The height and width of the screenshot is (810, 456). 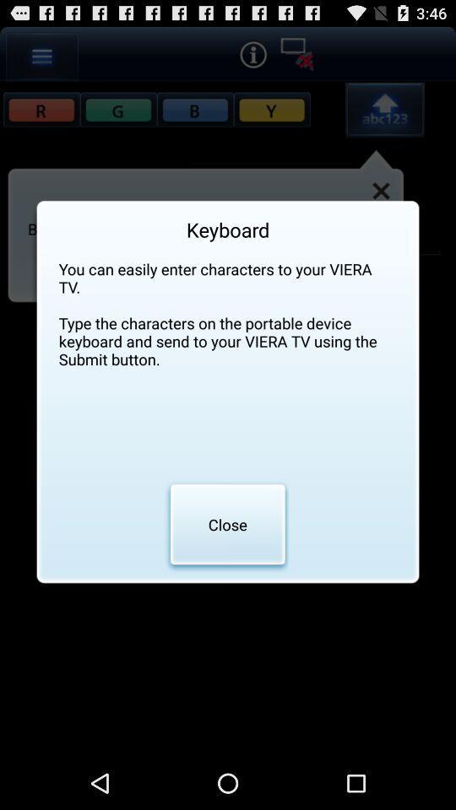 What do you see at coordinates (381, 202) in the screenshot?
I see `the close icon` at bounding box center [381, 202].